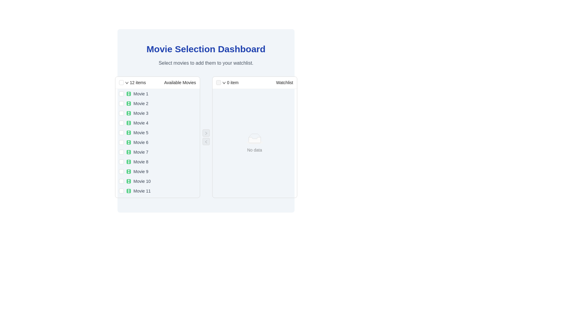  Describe the element at coordinates (157, 190) in the screenshot. I see `the checkbox of the list item for 'Movie 11'` at that location.